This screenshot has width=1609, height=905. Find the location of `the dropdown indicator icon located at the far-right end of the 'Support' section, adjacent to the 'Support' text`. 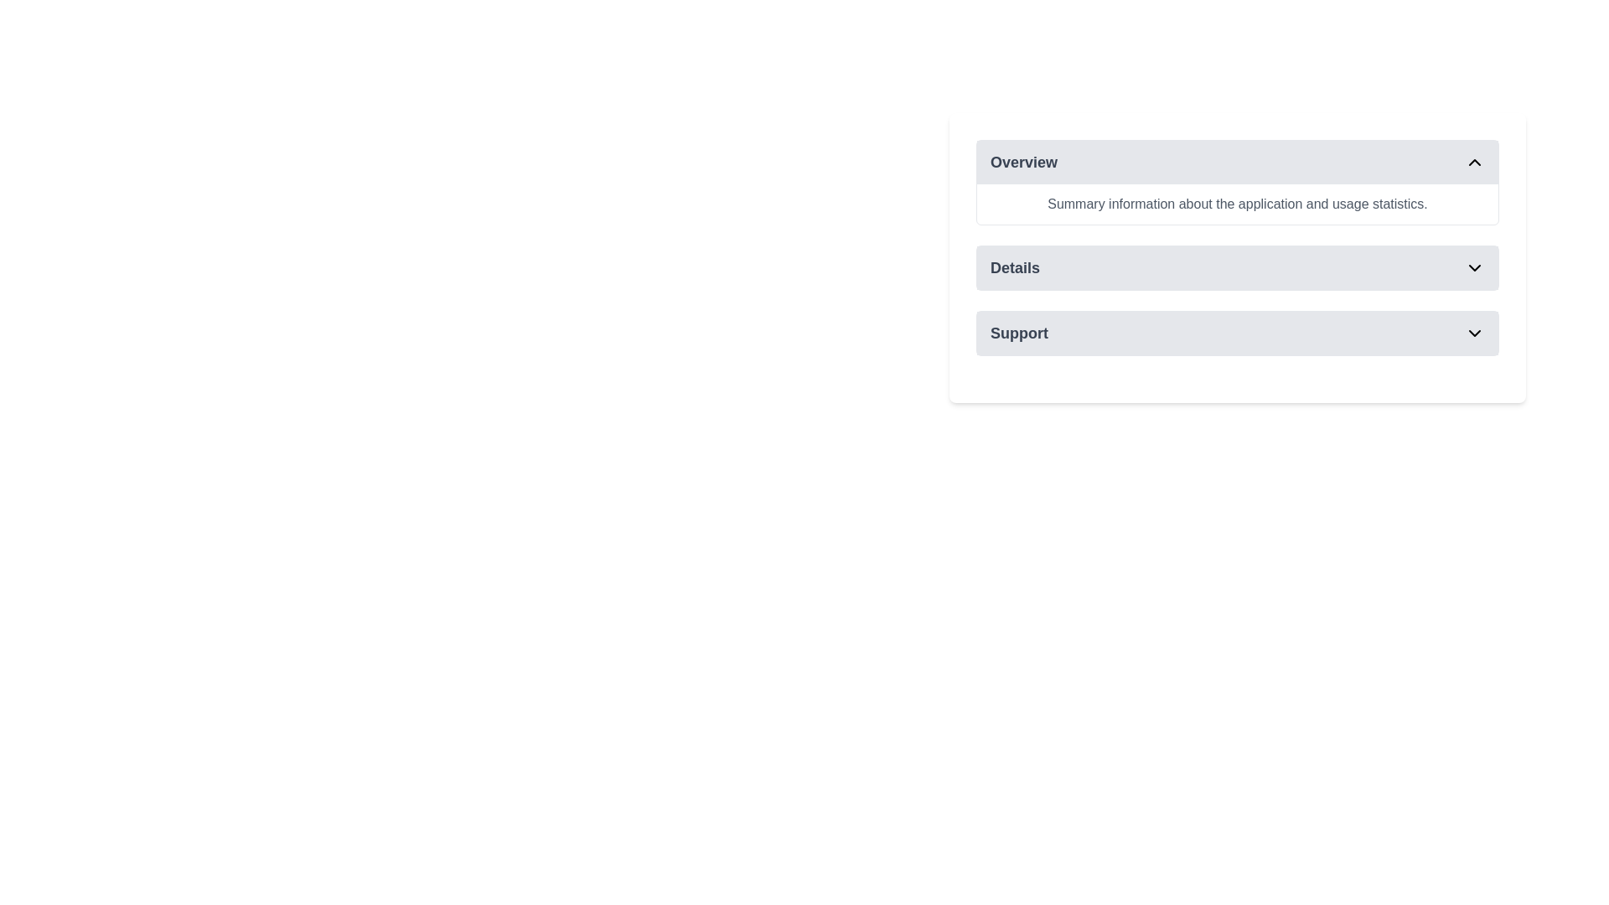

the dropdown indicator icon located at the far-right end of the 'Support' section, adjacent to the 'Support' text is located at coordinates (1475, 333).